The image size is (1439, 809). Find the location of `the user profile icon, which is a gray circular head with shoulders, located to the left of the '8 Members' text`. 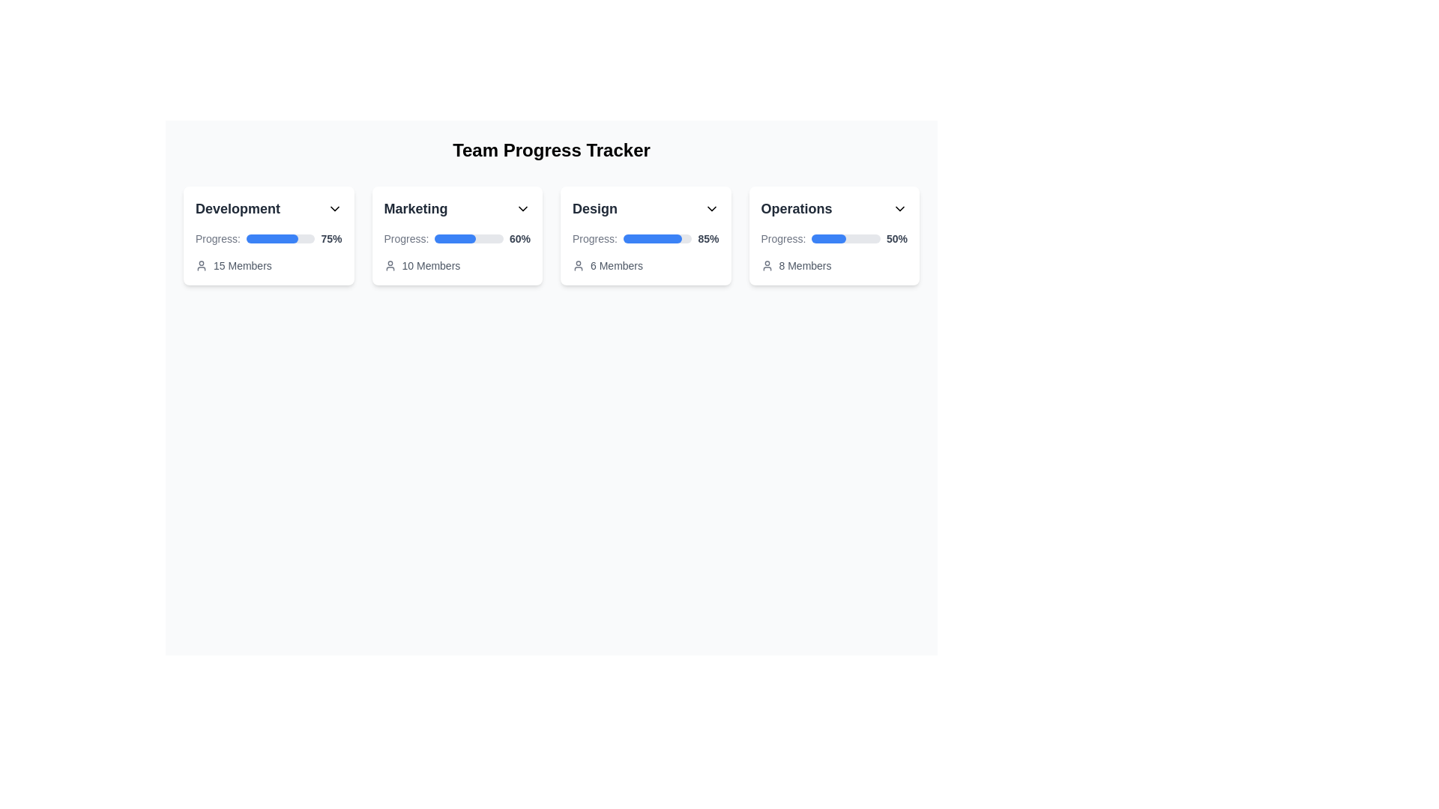

the user profile icon, which is a gray circular head with shoulders, located to the left of the '8 Members' text is located at coordinates (767, 264).